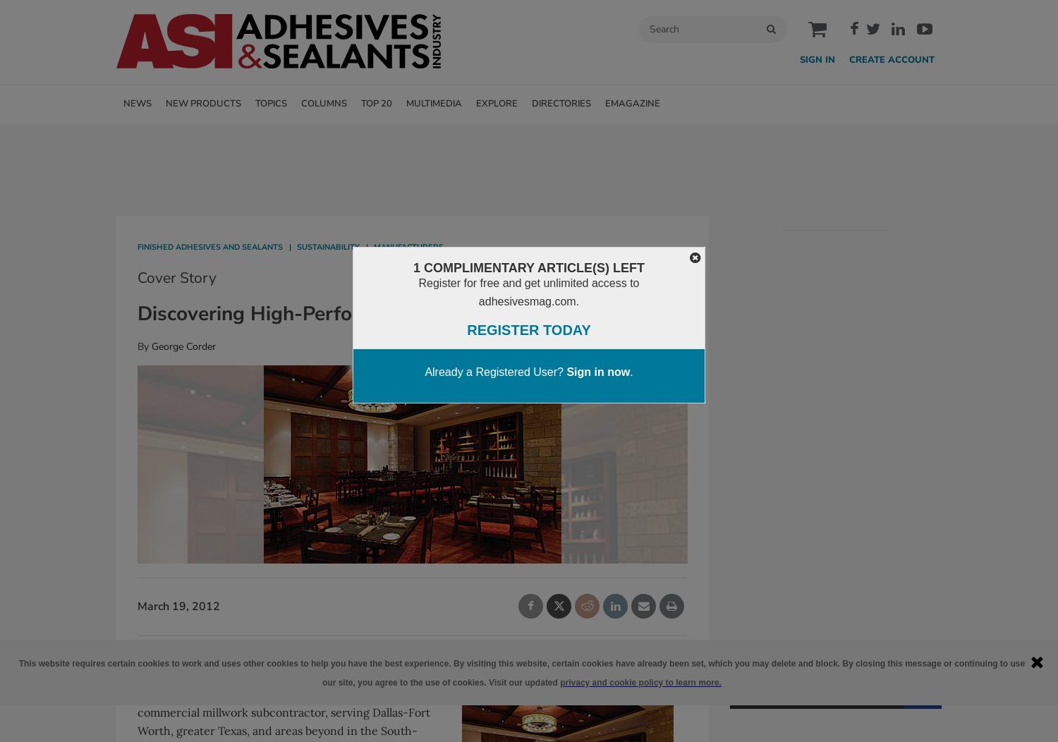 The image size is (1058, 742). What do you see at coordinates (178, 606) in the screenshot?
I see `'March 19, 2012'` at bounding box center [178, 606].